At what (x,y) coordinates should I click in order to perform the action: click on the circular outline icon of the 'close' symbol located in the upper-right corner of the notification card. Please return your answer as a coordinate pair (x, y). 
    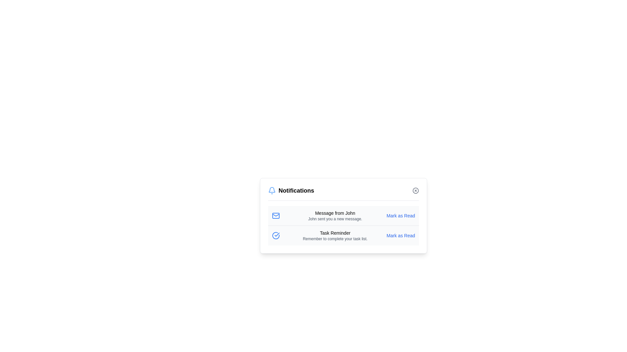
    Looking at the image, I should click on (415, 191).